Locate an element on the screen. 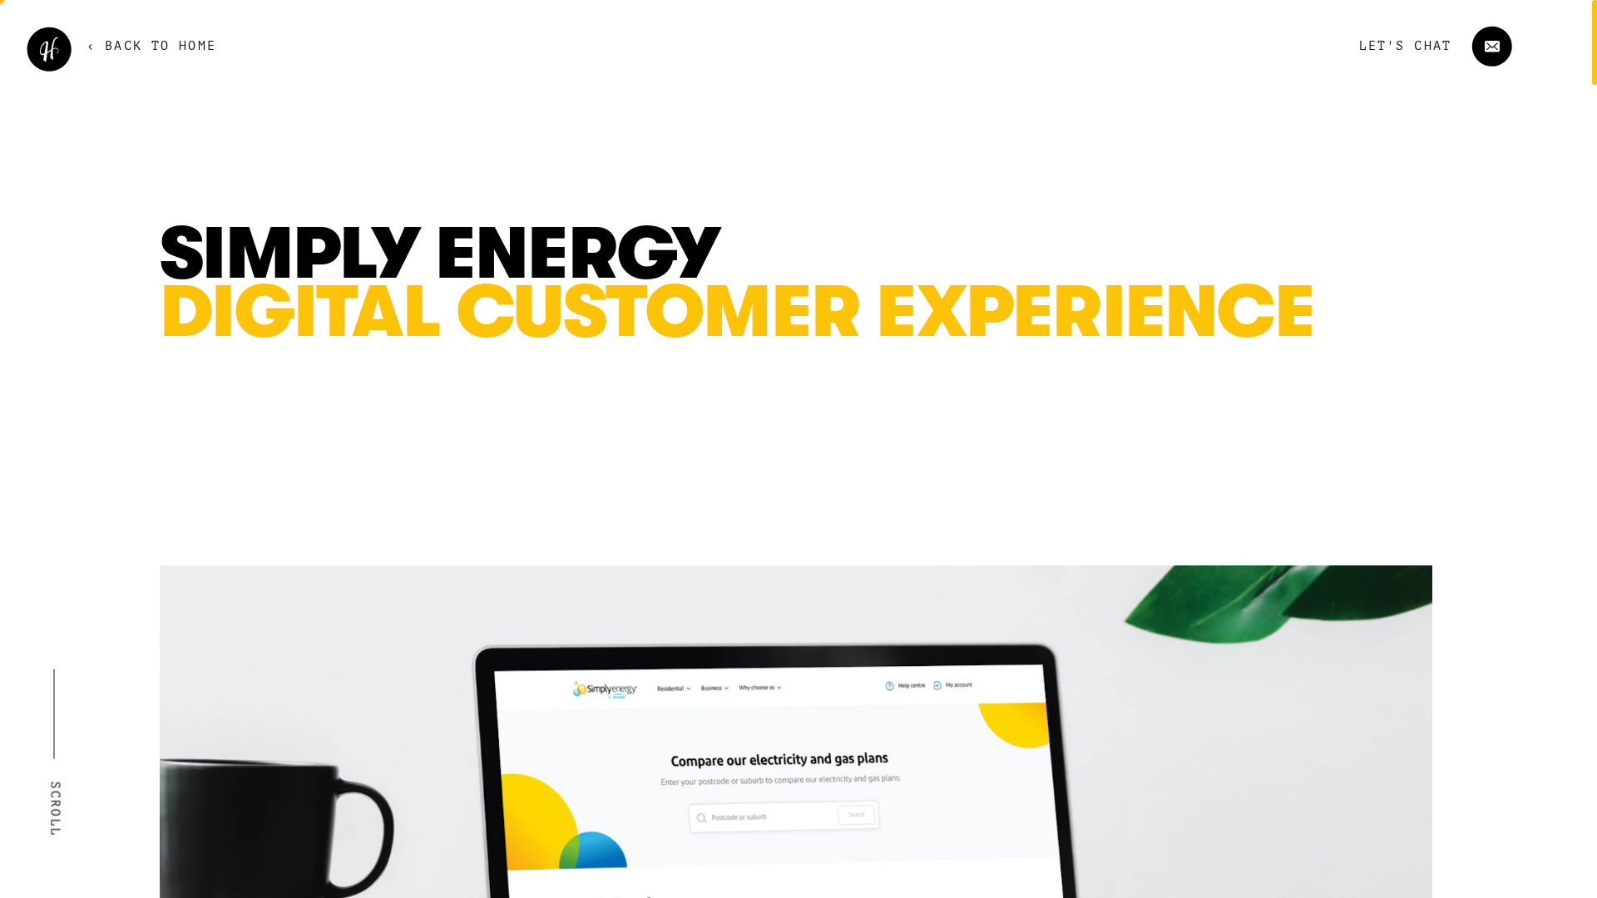  'LET'S CHAT is located at coordinates (1415, 45).